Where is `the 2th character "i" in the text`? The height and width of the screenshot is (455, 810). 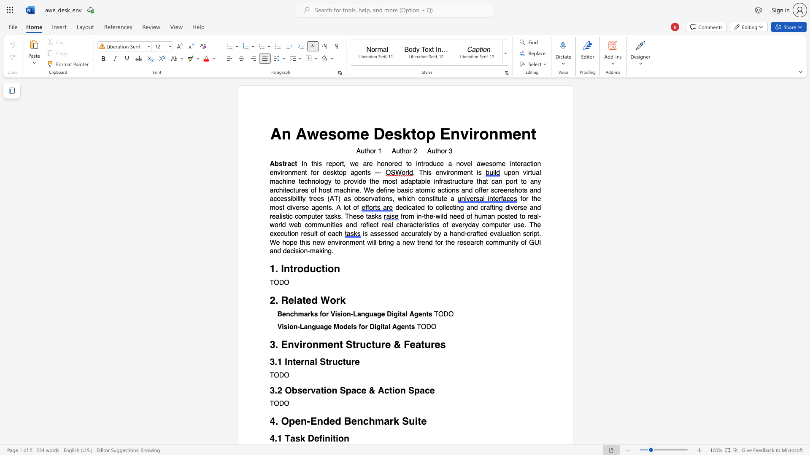
the 2th character "i" in the text is located at coordinates (385, 242).